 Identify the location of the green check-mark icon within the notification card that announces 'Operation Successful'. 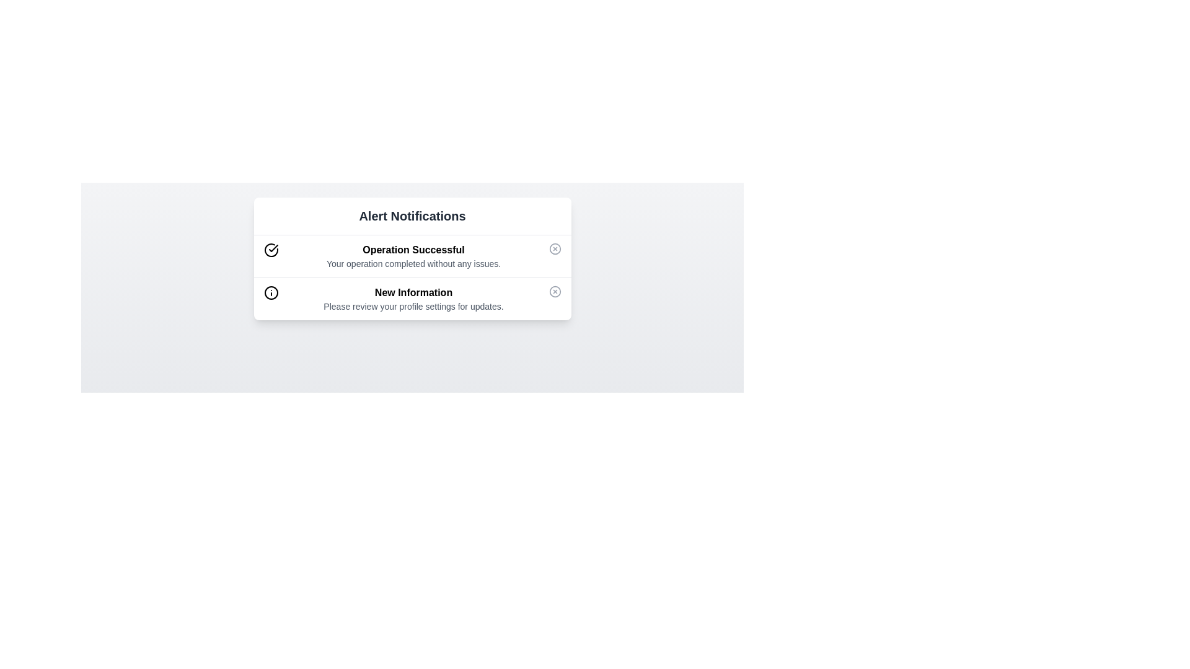
(270, 250).